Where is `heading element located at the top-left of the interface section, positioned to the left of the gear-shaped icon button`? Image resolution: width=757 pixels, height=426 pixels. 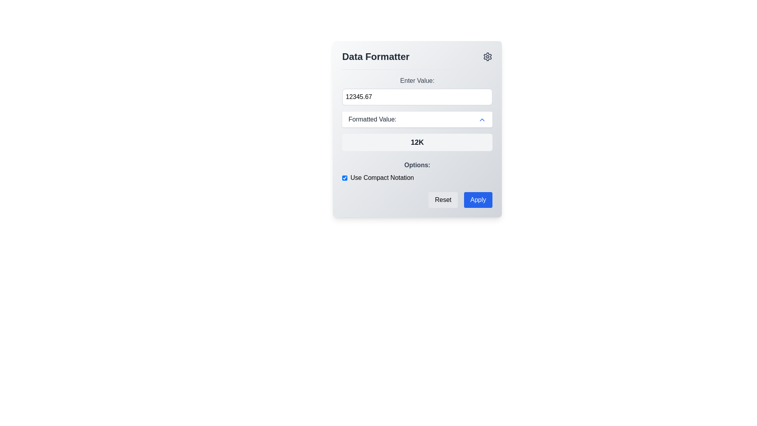
heading element located at the top-left of the interface section, positioned to the left of the gear-shaped icon button is located at coordinates (375, 56).